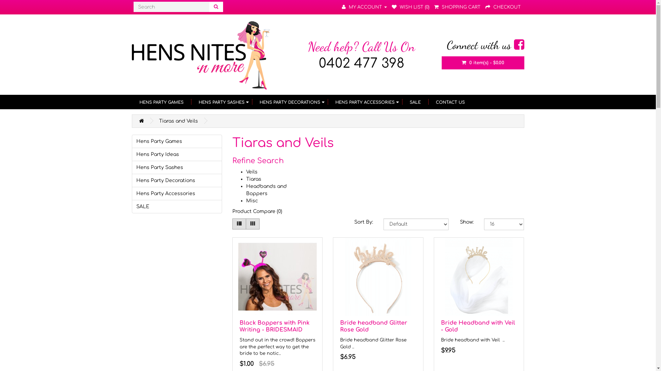  I want to click on '0 item(s) - $0.00', so click(441, 63).